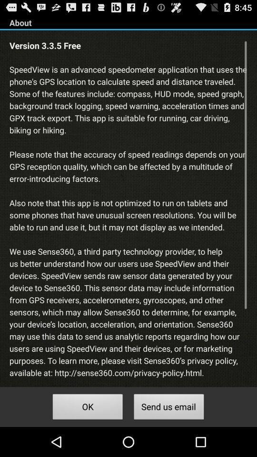 The width and height of the screenshot is (257, 457). Describe the element at coordinates (88, 407) in the screenshot. I see `the item to the left of the send us email button` at that location.